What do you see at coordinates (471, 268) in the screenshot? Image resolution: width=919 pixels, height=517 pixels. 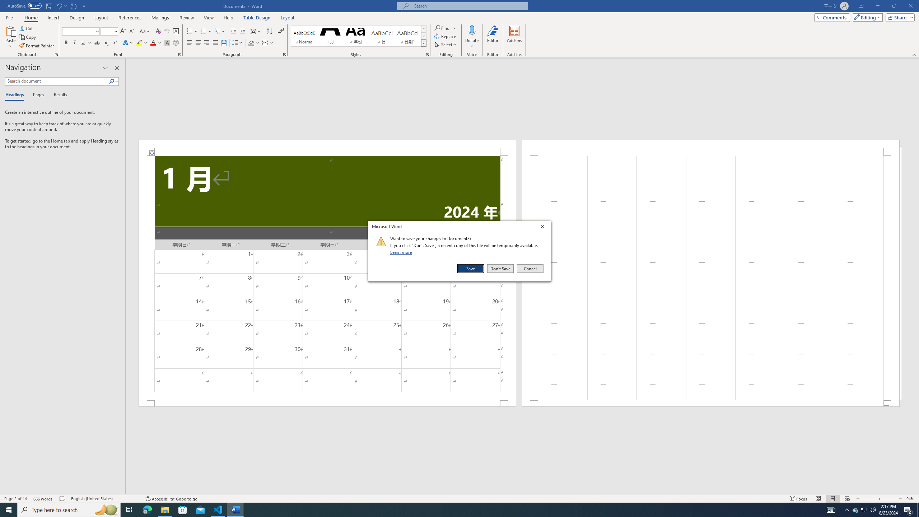 I see `'Save'` at bounding box center [471, 268].